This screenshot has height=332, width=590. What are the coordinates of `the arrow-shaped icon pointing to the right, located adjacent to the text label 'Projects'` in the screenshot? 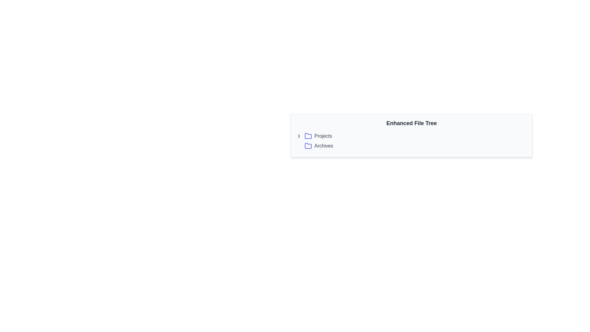 It's located at (299, 136).